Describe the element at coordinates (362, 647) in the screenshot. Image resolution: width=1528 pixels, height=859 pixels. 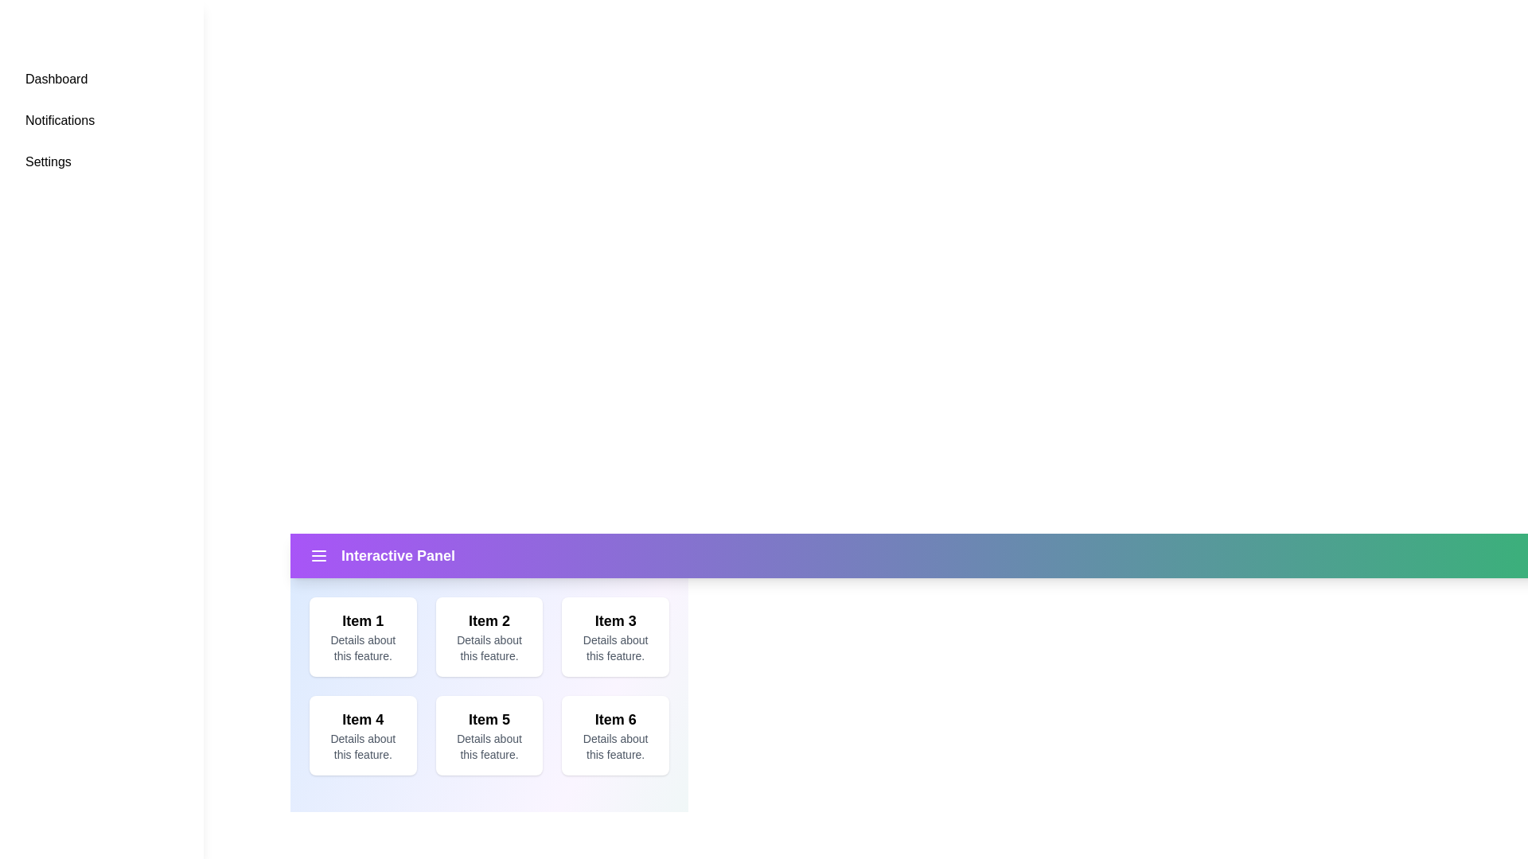
I see `descriptive text label located in the second line of the 'Item 1' card, positioned in the top-left corner of the grid layout` at that location.